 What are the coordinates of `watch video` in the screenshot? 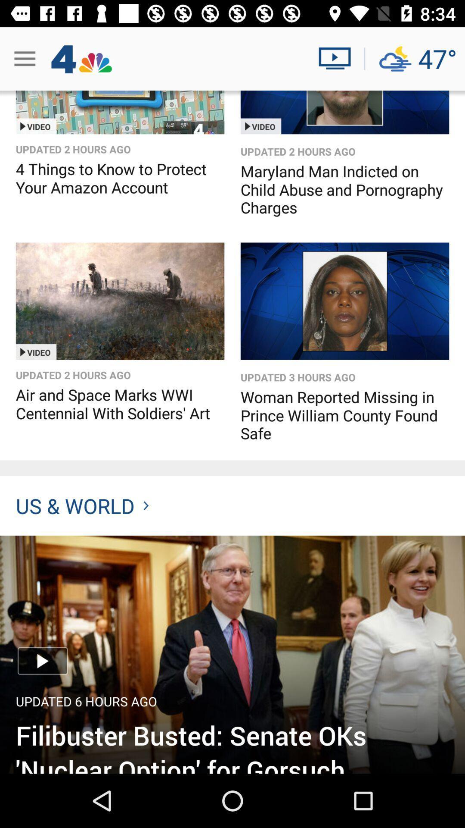 It's located at (120, 301).